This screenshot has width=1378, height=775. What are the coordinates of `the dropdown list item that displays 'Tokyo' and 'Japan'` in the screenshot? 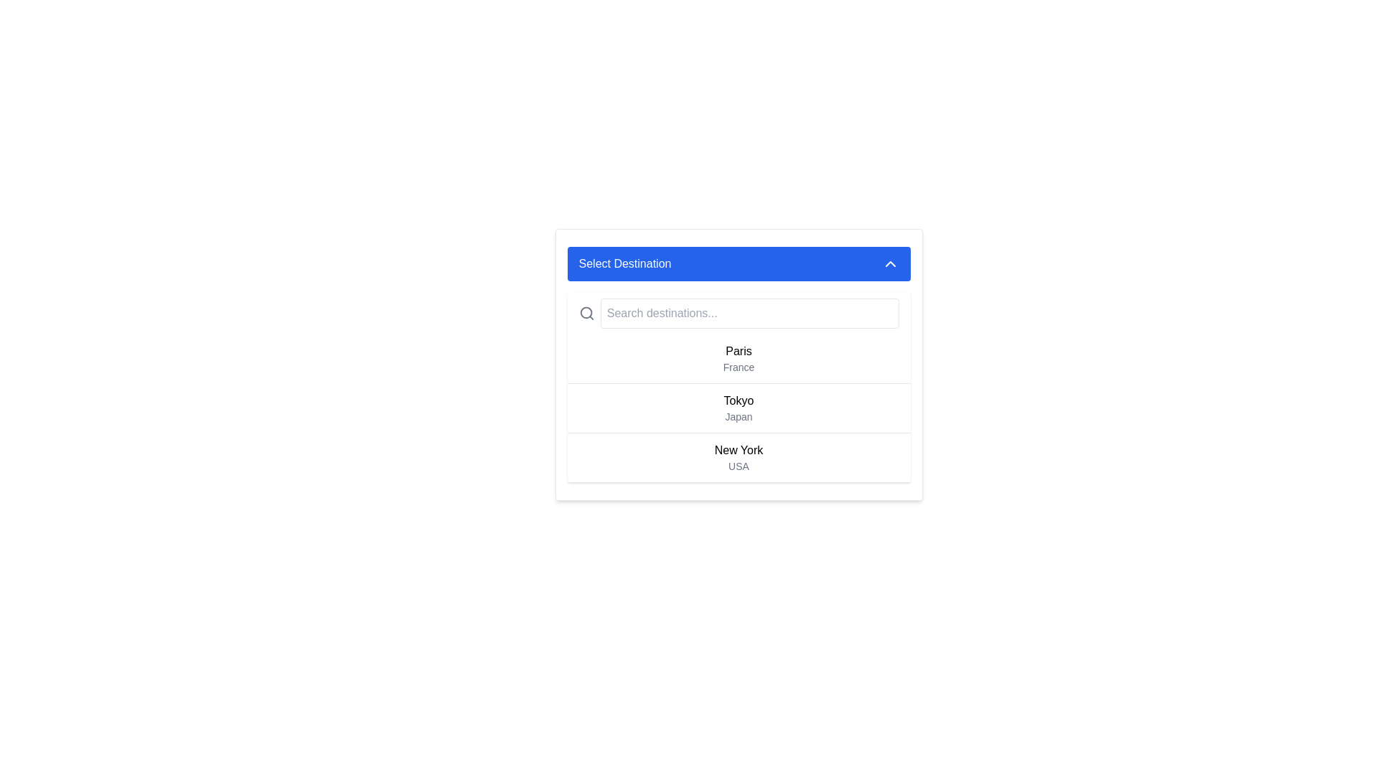 It's located at (739, 408).